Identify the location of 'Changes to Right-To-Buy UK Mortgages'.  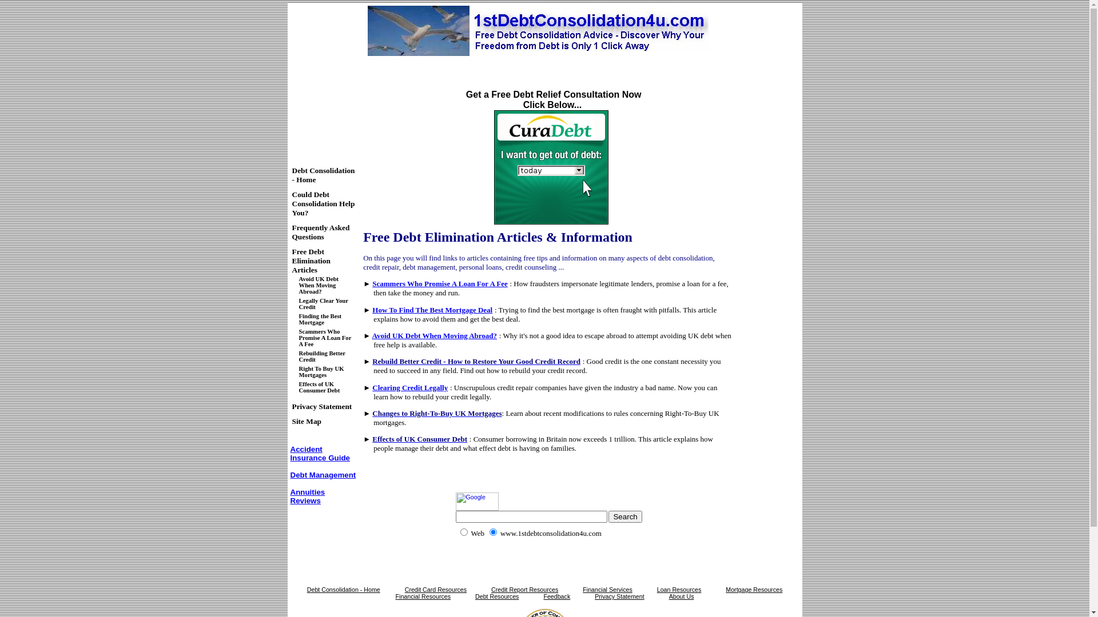
(436, 413).